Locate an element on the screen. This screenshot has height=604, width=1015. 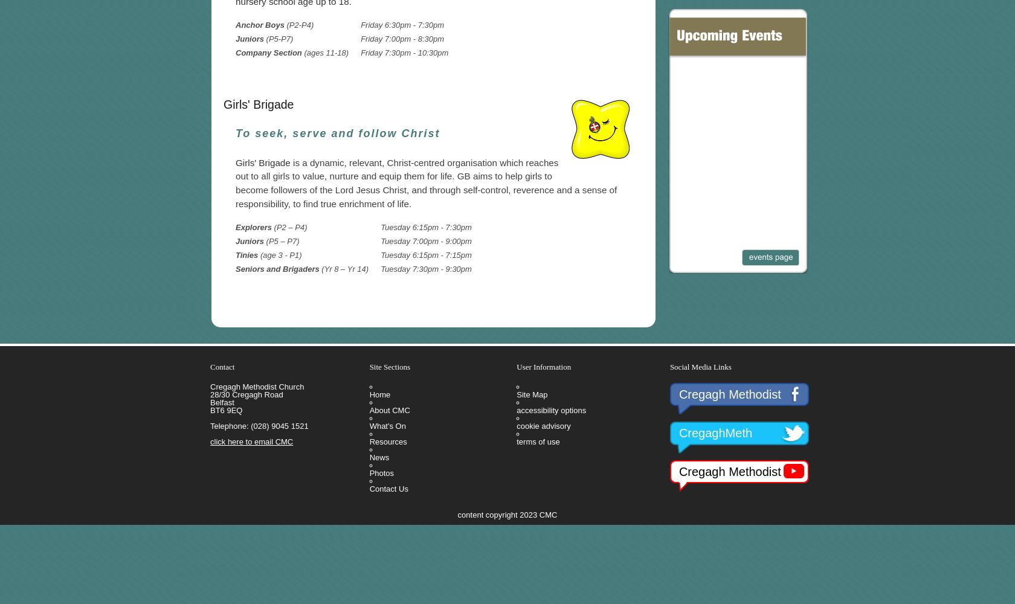
'Company Section' is located at coordinates (235, 52).